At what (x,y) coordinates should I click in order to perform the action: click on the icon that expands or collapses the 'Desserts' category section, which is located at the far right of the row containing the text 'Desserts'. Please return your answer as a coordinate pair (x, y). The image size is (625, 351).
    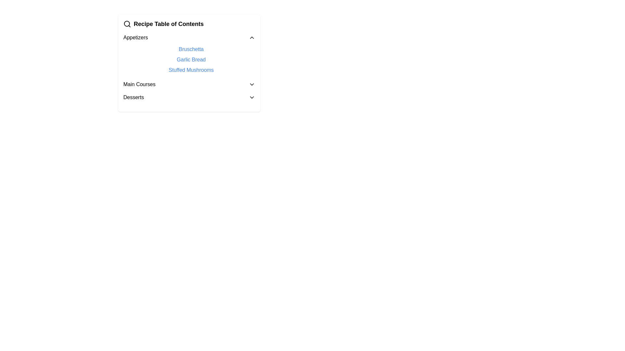
    Looking at the image, I should click on (251, 97).